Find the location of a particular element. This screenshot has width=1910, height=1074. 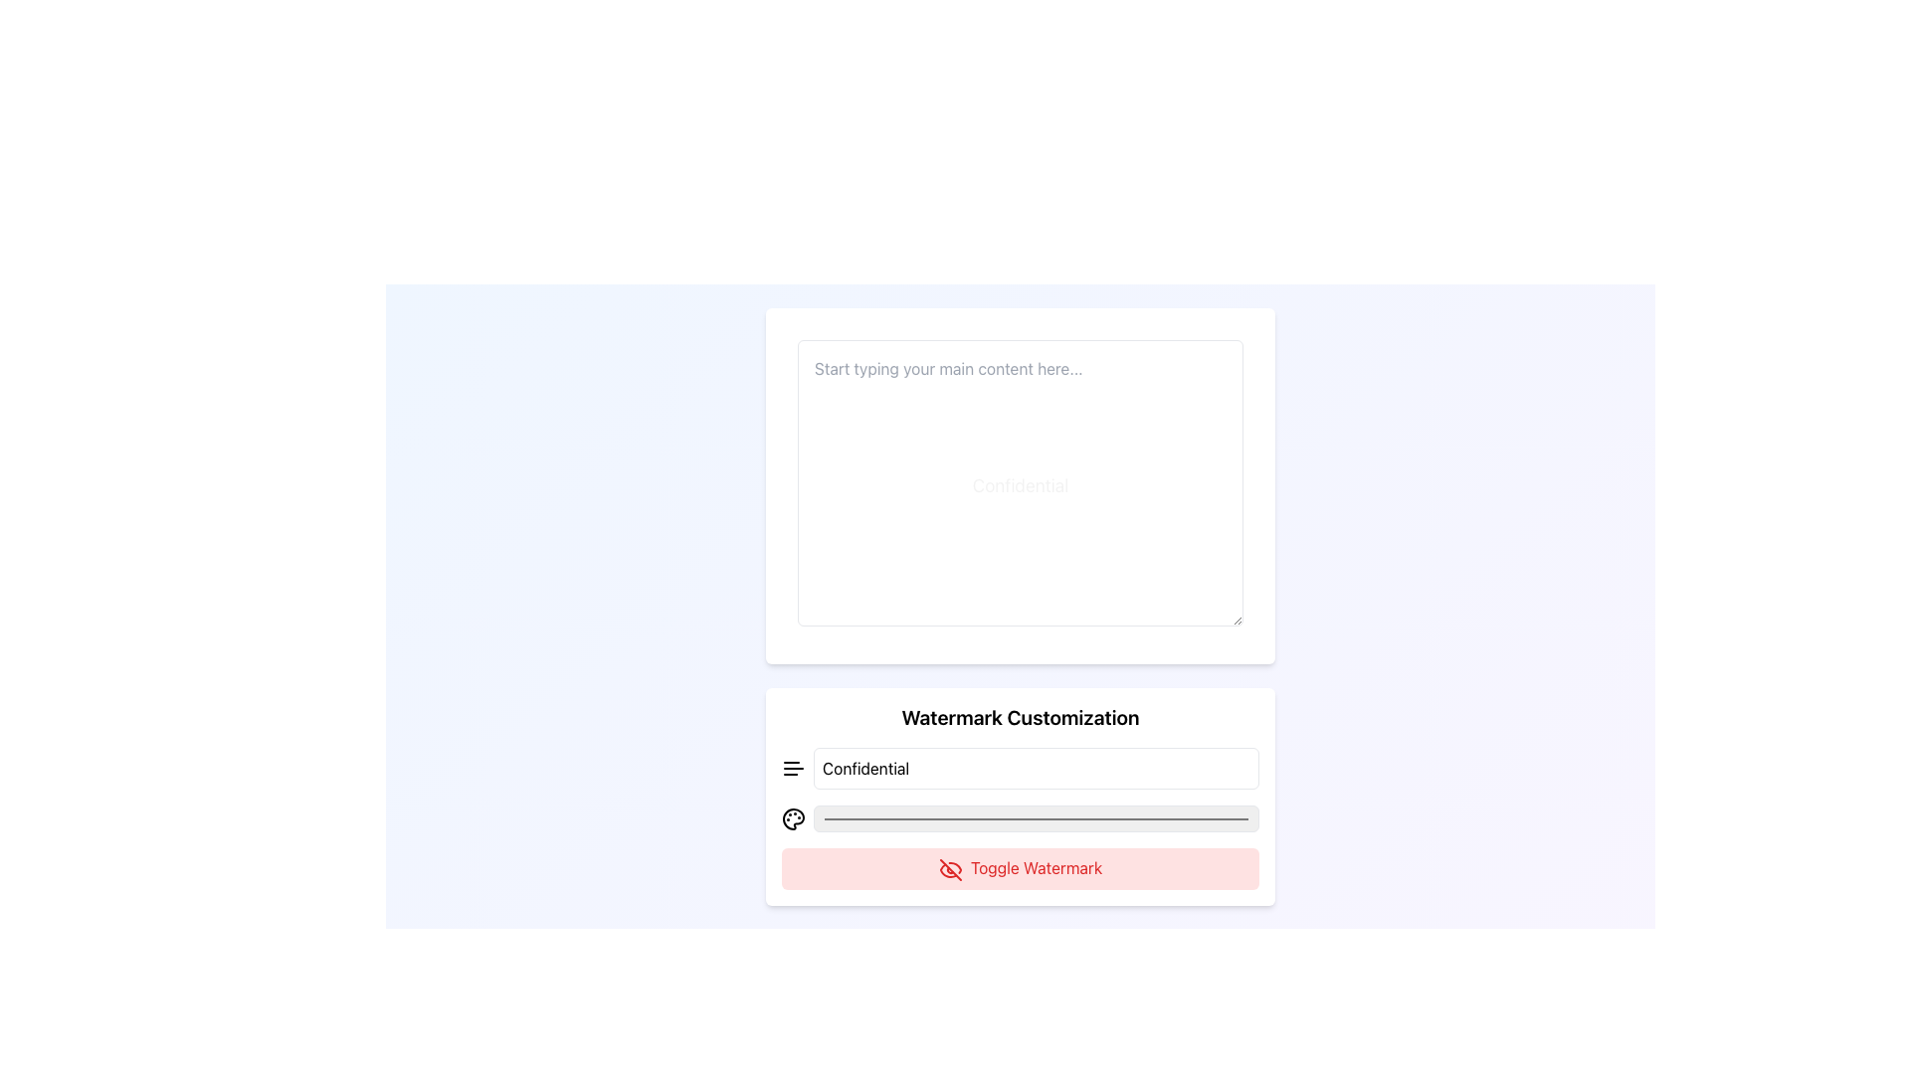

the color or style customization icon located in the Watermark Customization section, which is positioned first to the left of the 'Confidential' text field is located at coordinates (792, 818).